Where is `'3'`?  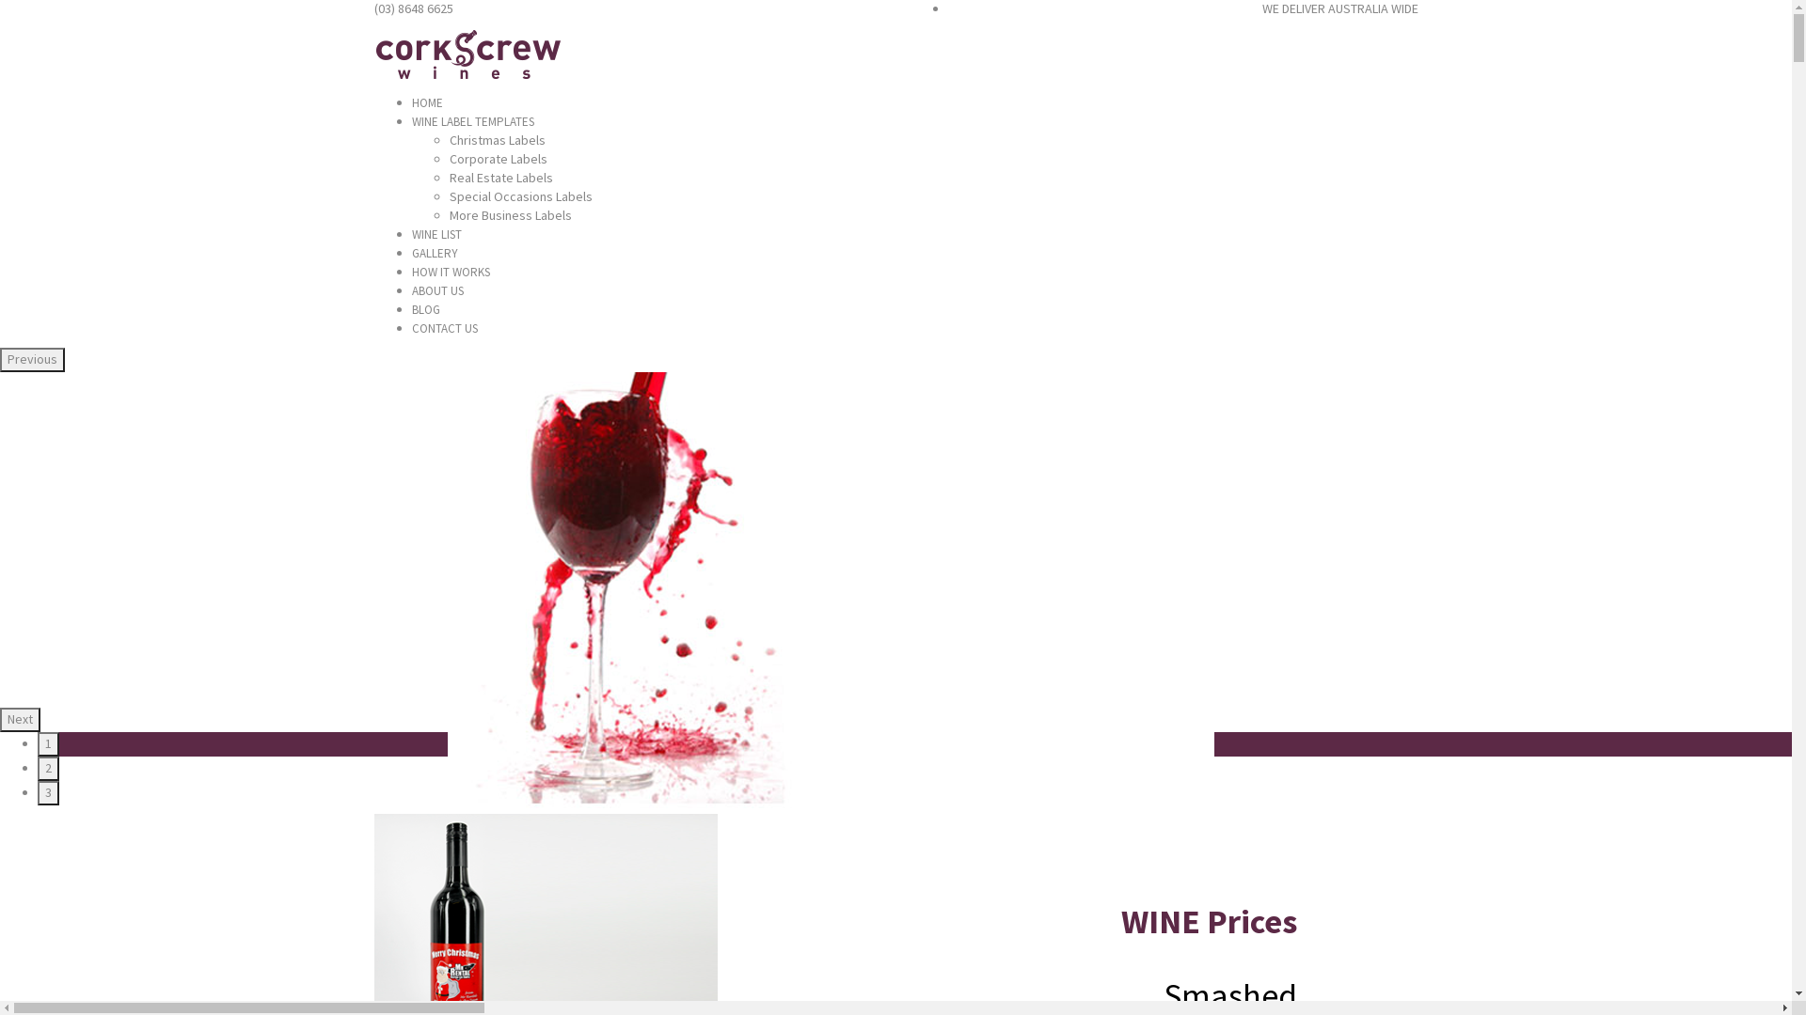 '3' is located at coordinates (48, 793).